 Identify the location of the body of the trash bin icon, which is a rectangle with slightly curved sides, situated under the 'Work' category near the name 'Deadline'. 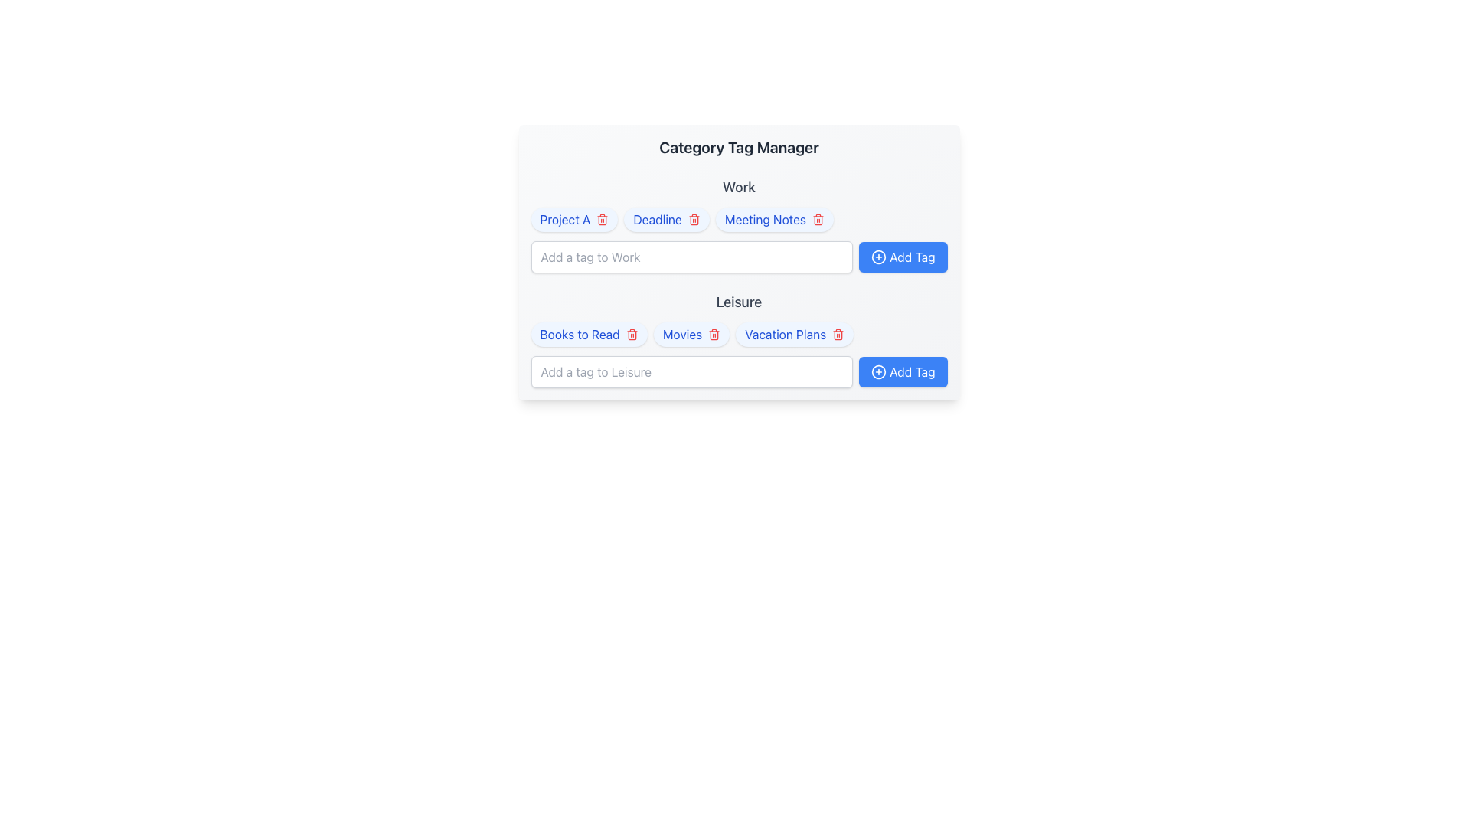
(693, 221).